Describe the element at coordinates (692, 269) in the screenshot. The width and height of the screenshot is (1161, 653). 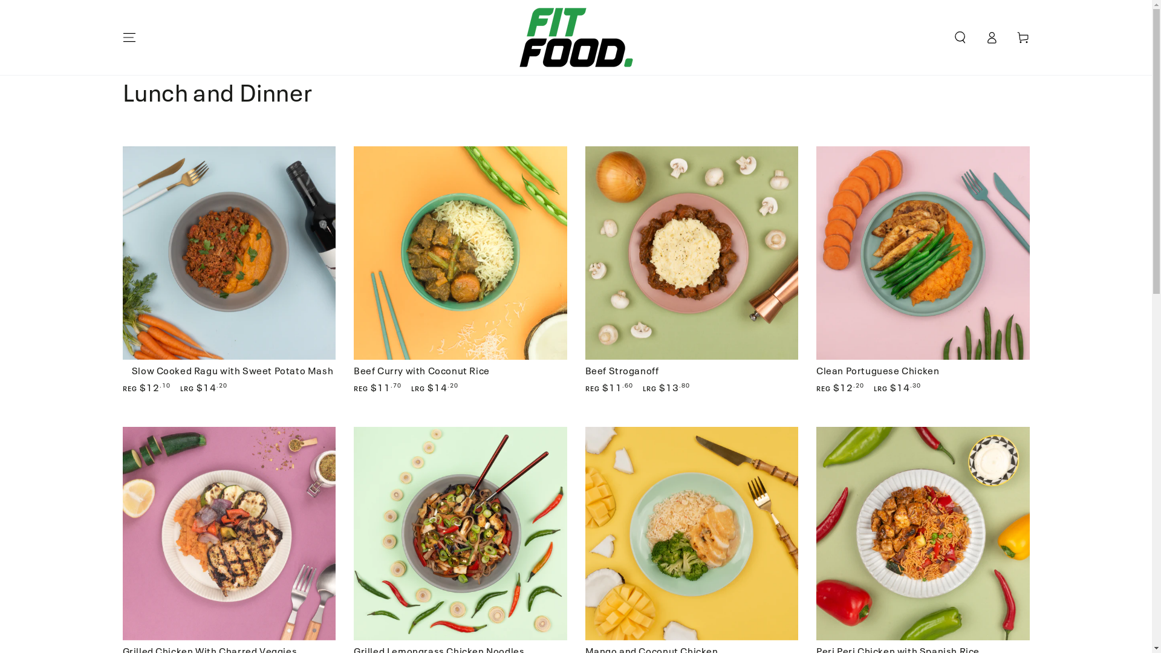
I see `'Beef Stroganoff'` at that location.